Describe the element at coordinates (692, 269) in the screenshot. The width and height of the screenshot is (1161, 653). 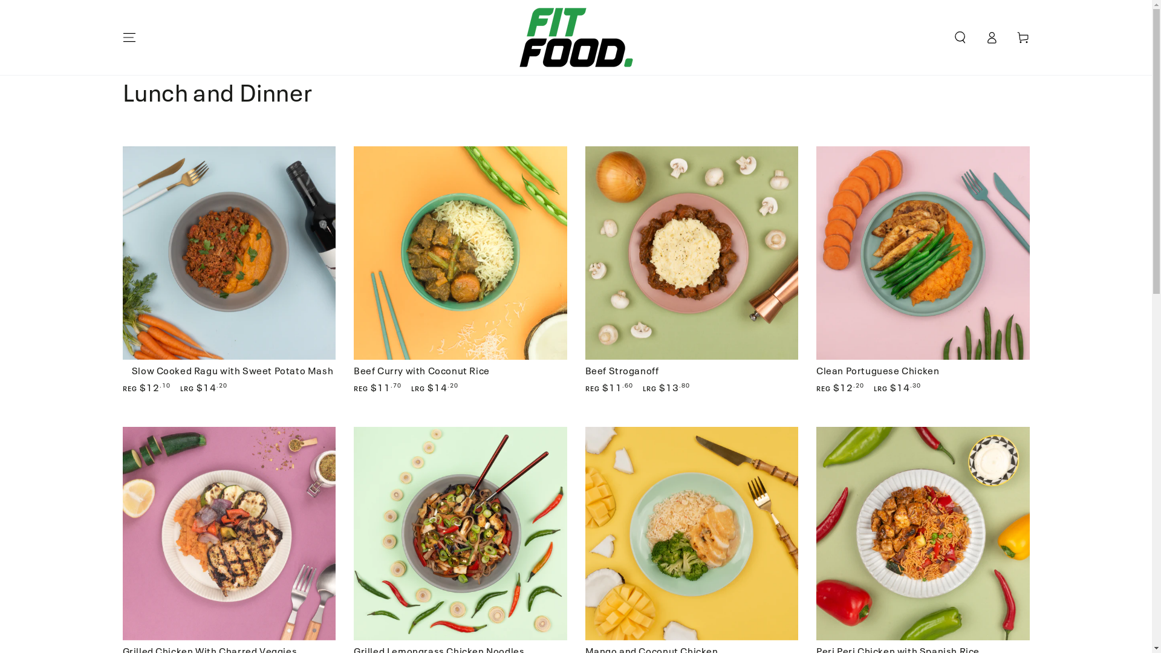
I see `'Beef Stroganoff'` at that location.